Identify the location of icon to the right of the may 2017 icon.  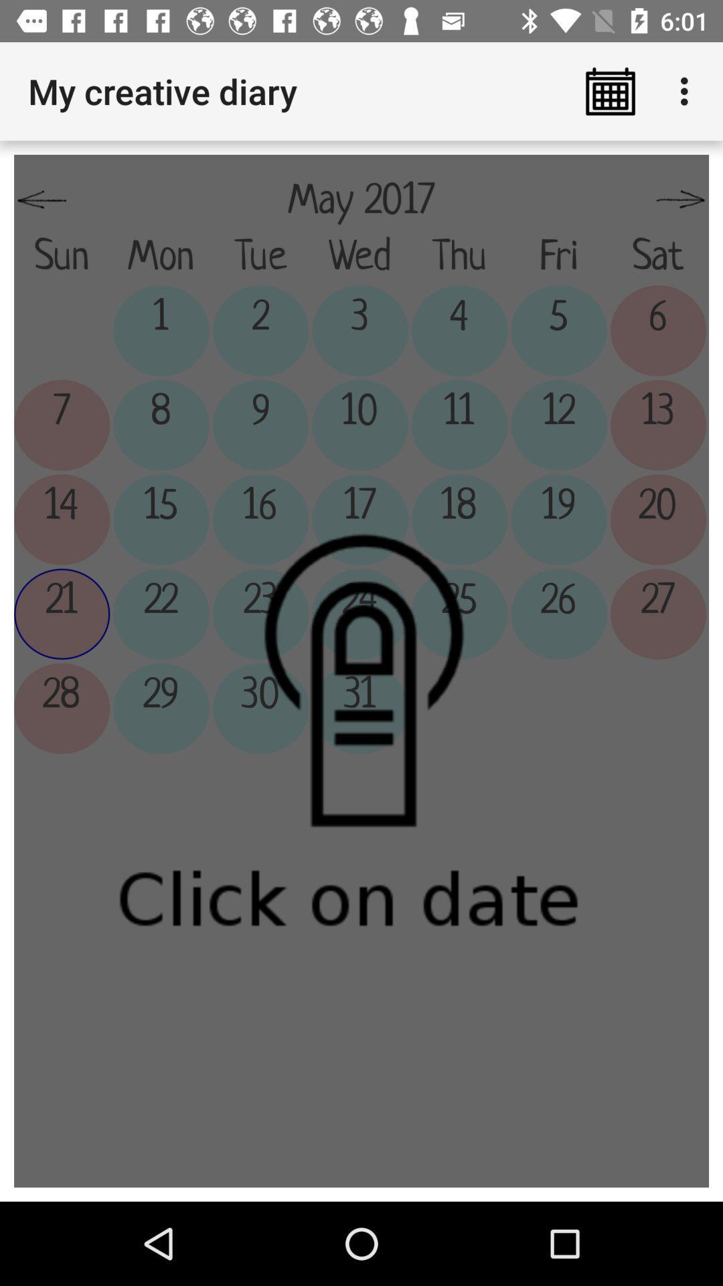
(681, 200).